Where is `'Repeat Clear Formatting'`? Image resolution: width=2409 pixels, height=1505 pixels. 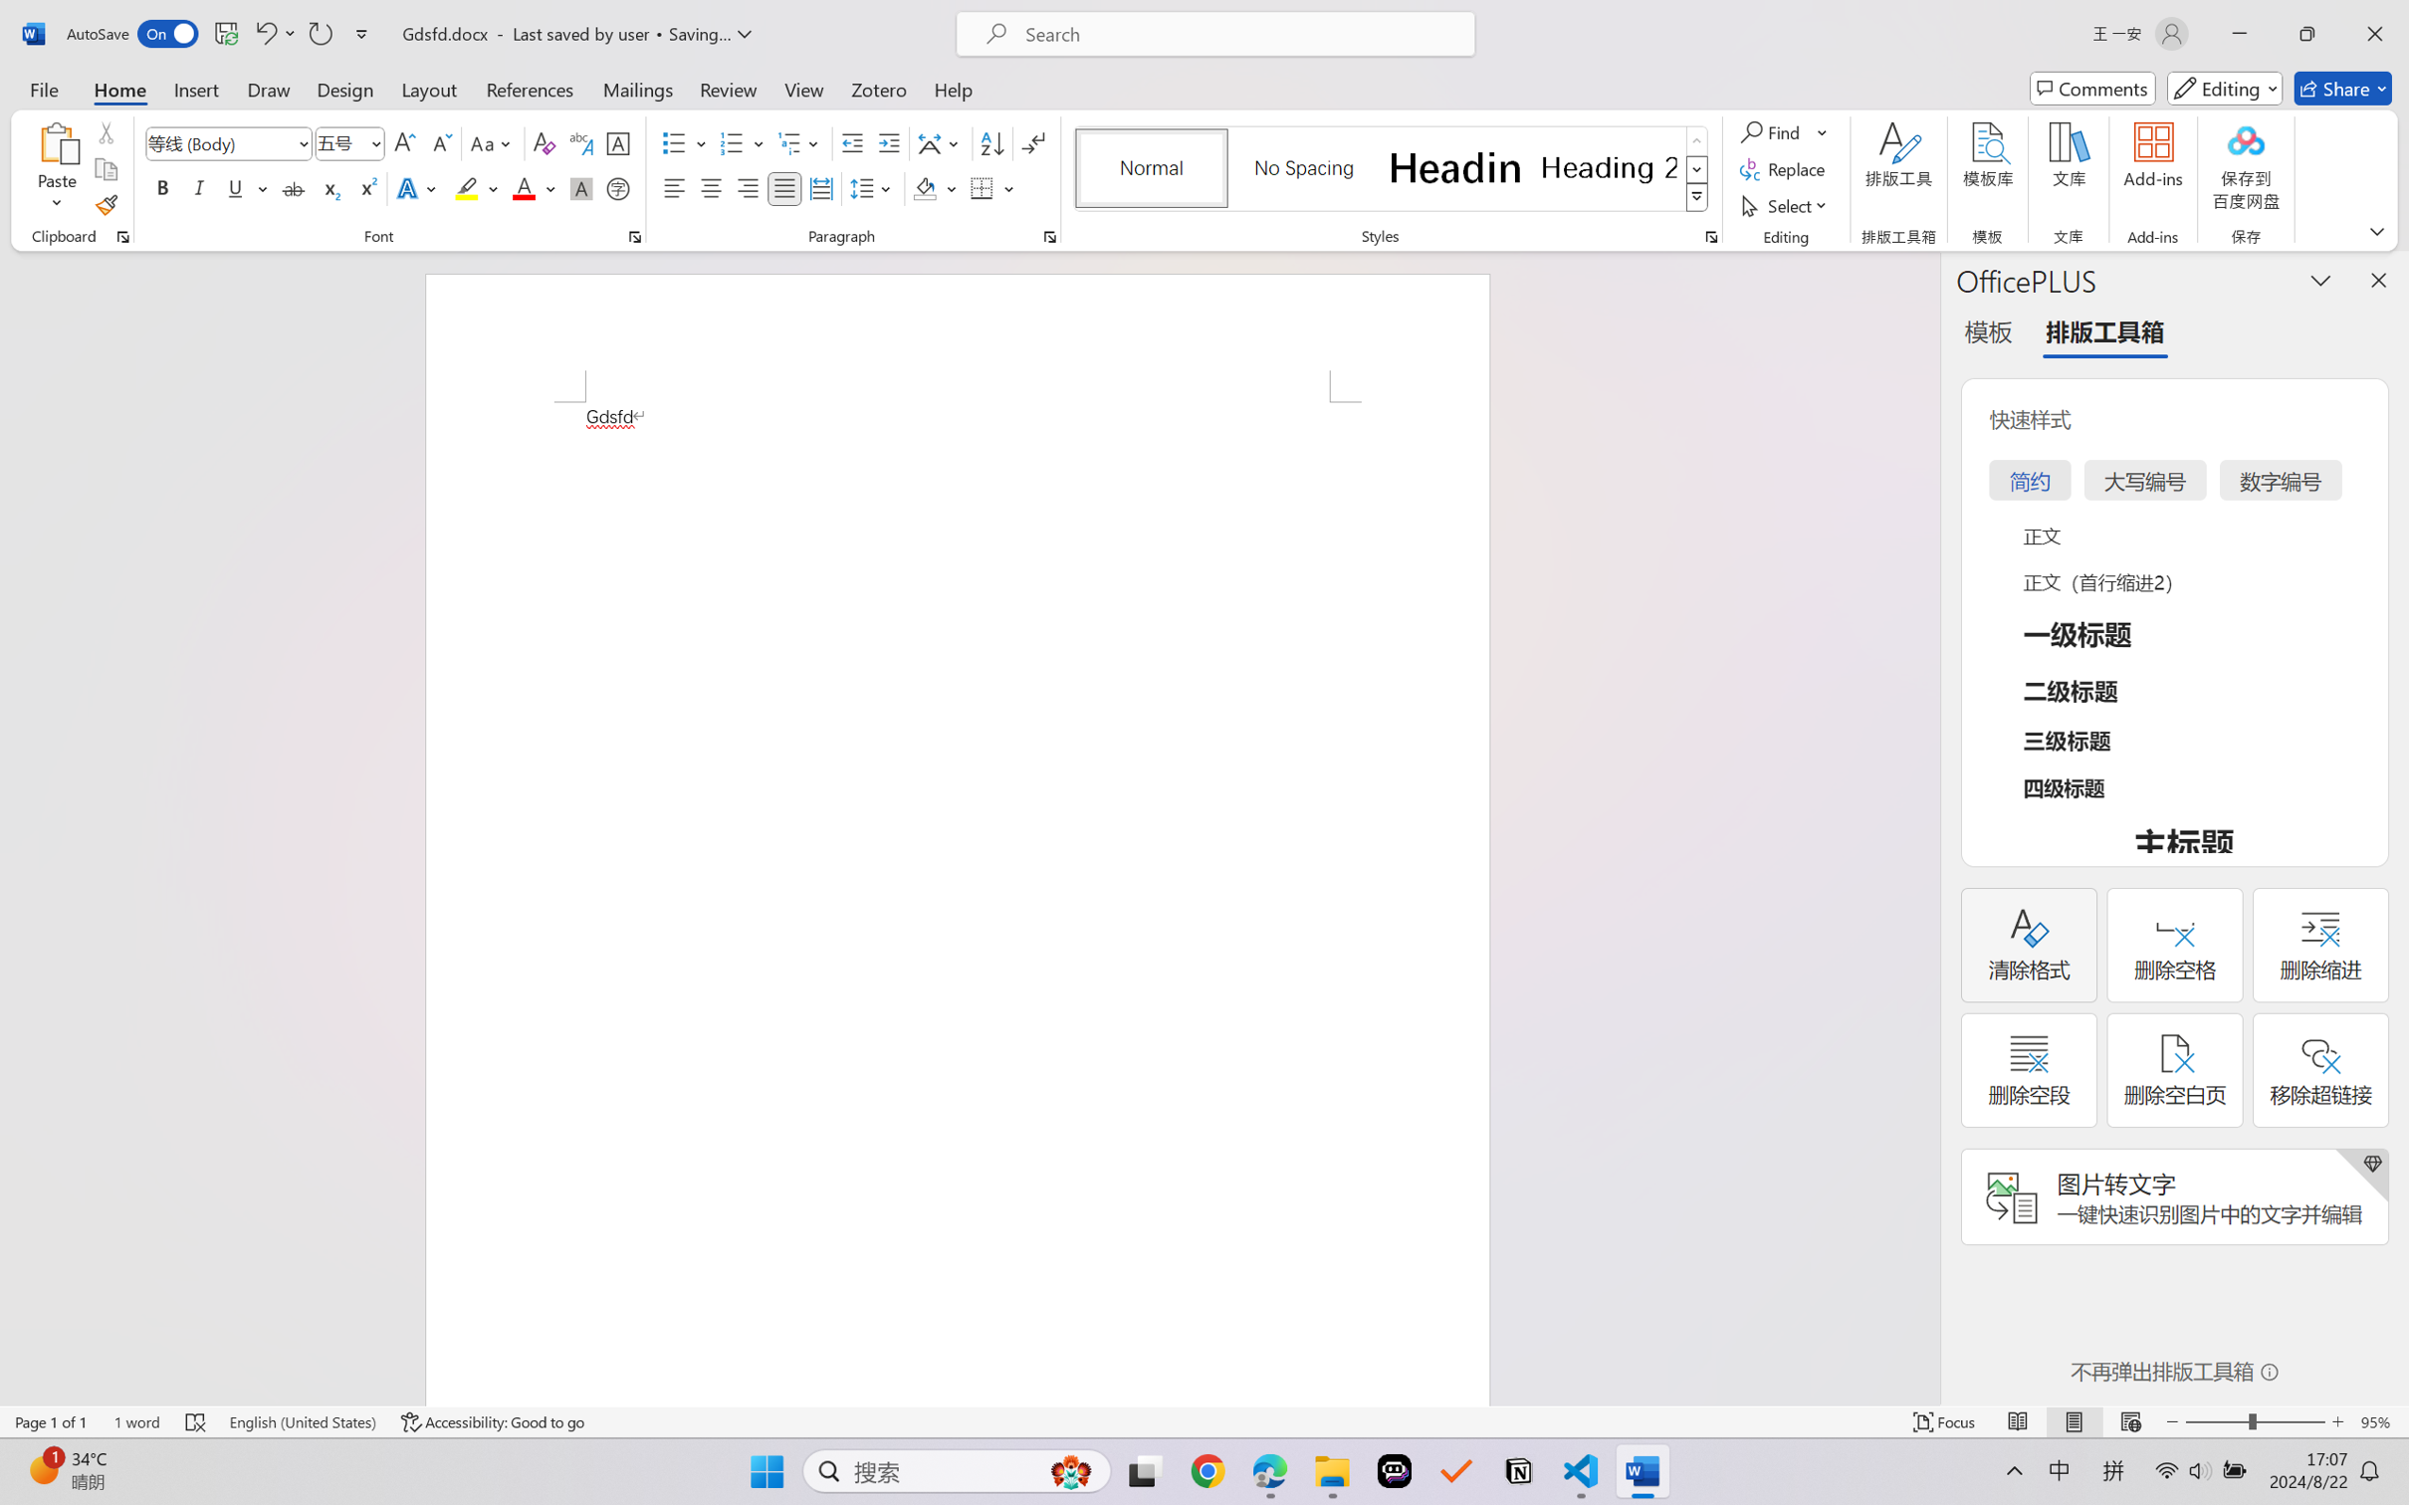 'Repeat Clear Formatting' is located at coordinates (319, 33).